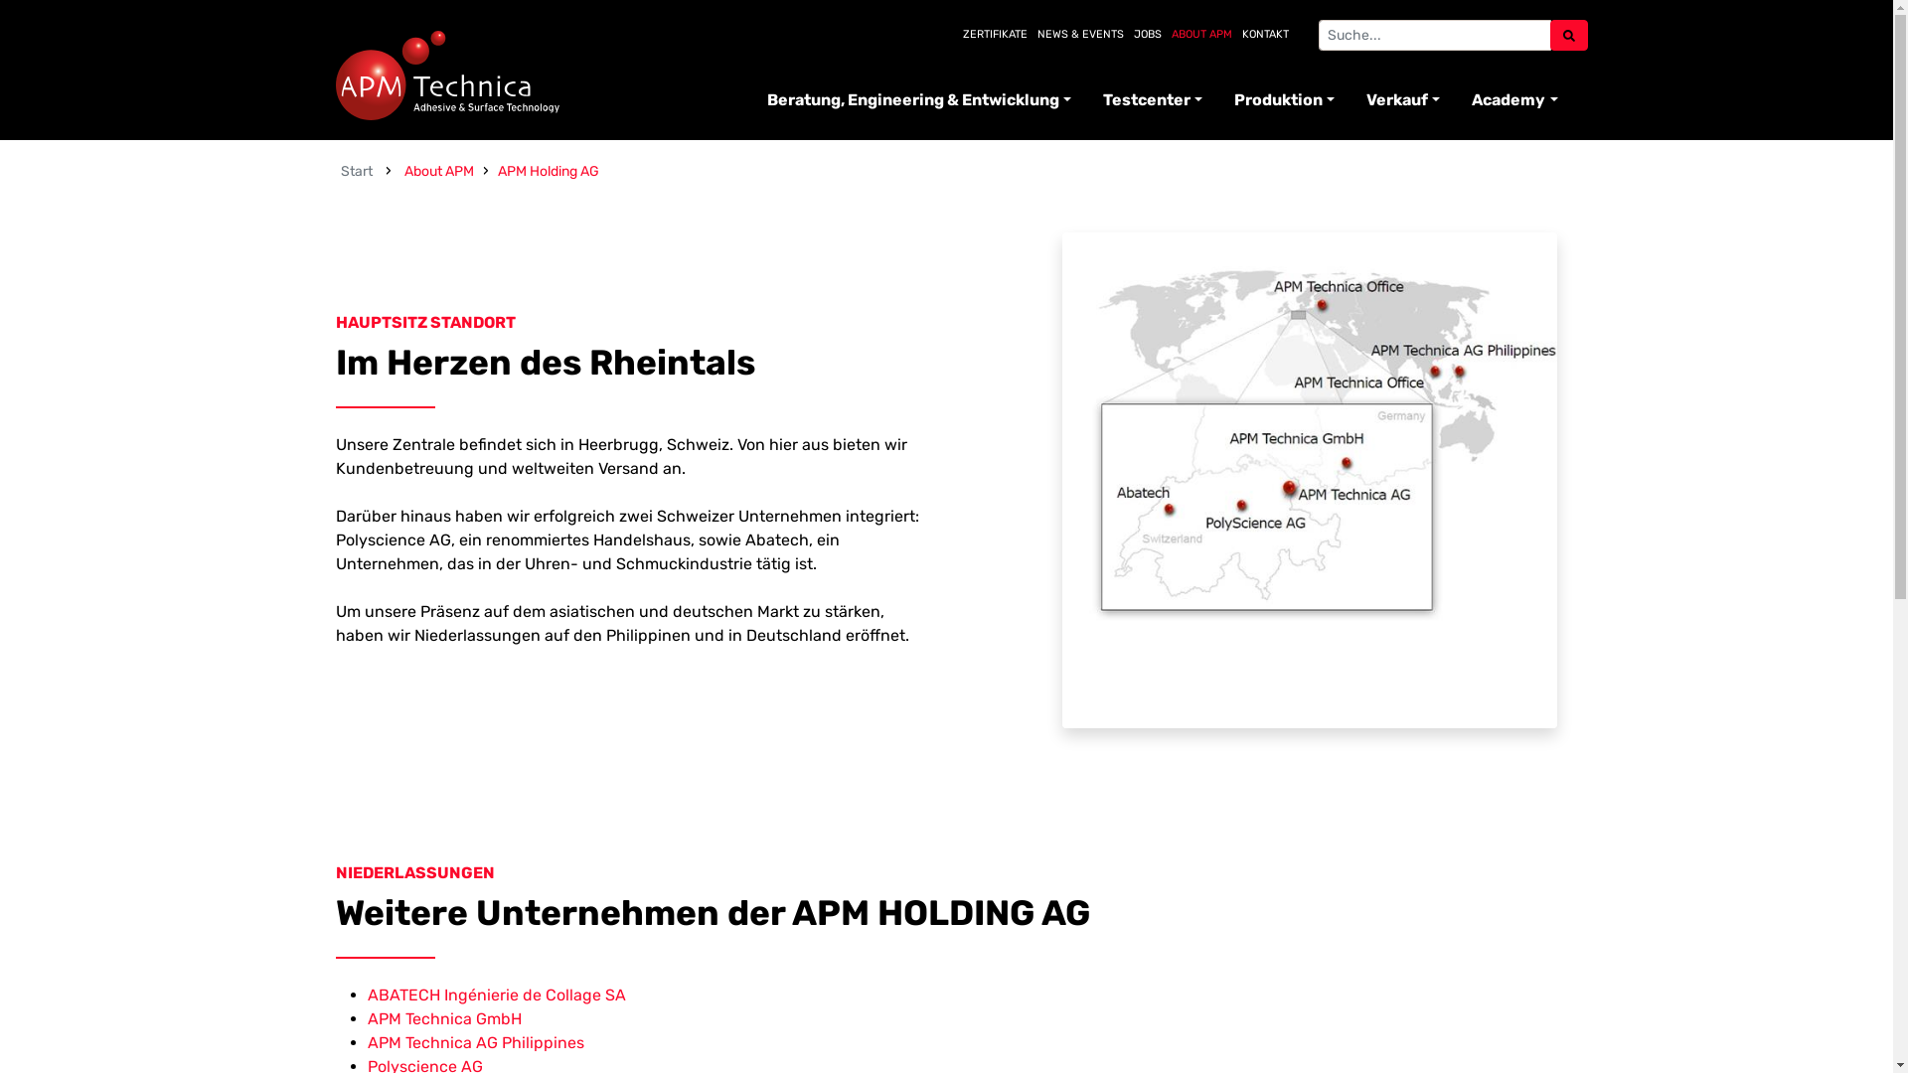 The width and height of the screenshot is (1908, 1073). What do you see at coordinates (335, 170) in the screenshot?
I see `'Start'` at bounding box center [335, 170].